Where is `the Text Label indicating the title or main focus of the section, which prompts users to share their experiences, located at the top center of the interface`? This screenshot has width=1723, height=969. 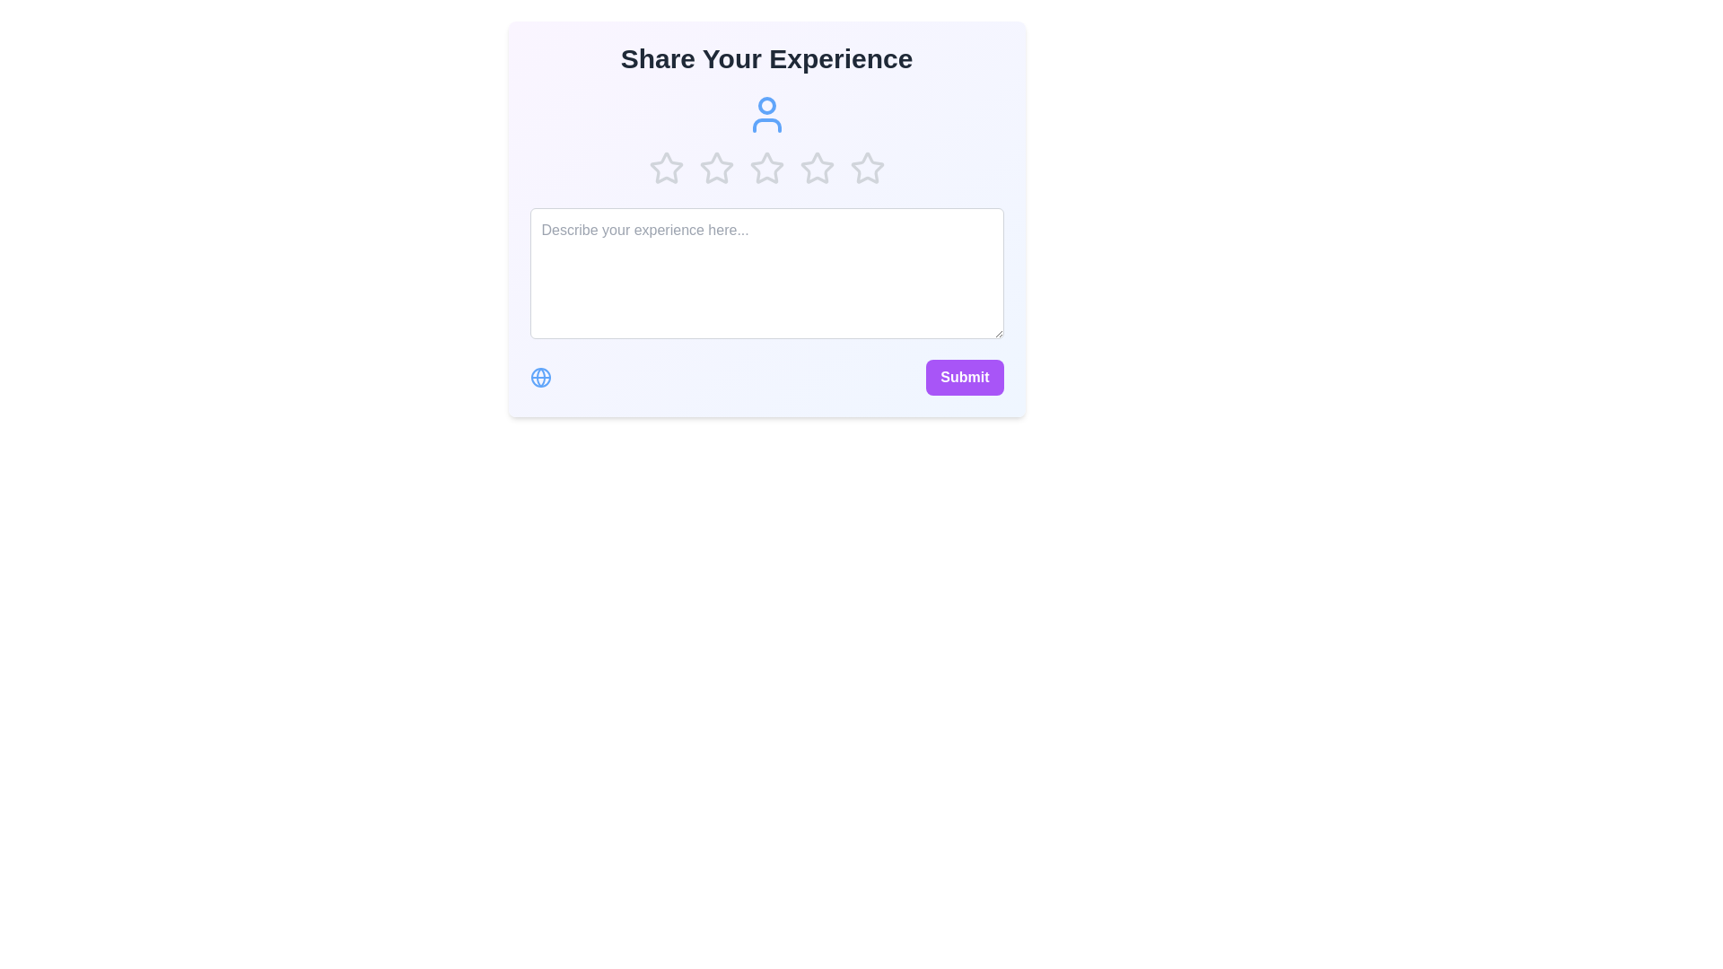 the Text Label indicating the title or main focus of the section, which prompts users to share their experiences, located at the top center of the interface is located at coordinates (766, 57).